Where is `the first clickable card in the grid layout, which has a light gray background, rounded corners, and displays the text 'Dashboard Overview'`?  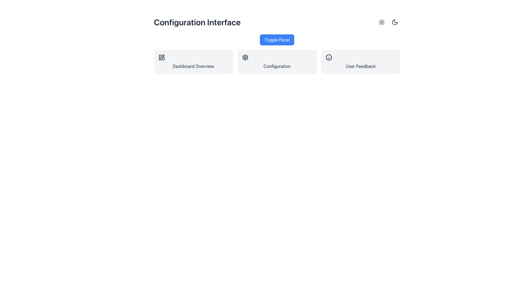
the first clickable card in the grid layout, which has a light gray background, rounded corners, and displays the text 'Dashboard Overview' is located at coordinates (193, 62).